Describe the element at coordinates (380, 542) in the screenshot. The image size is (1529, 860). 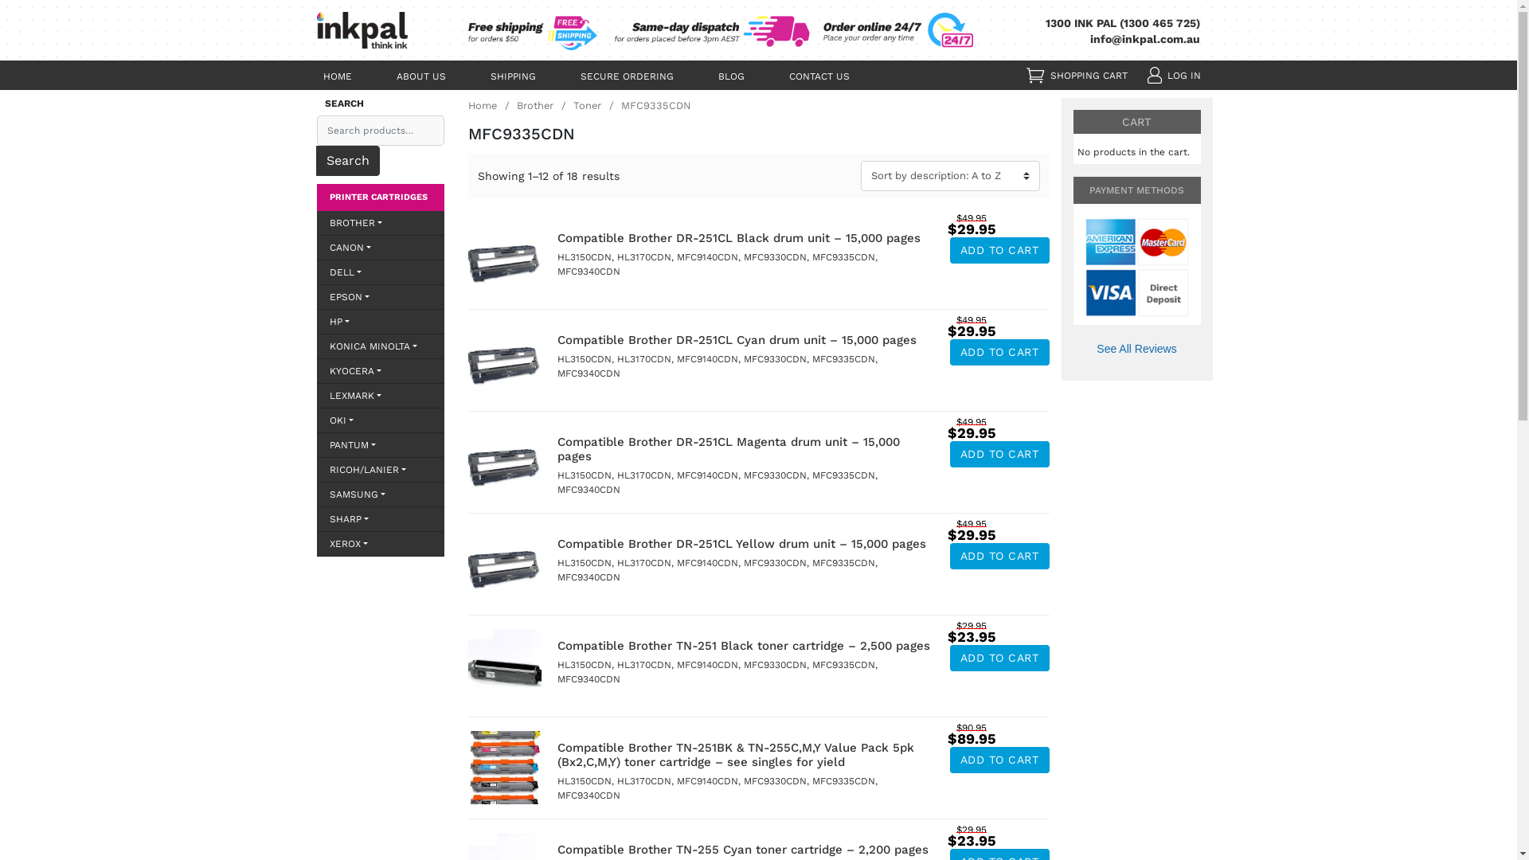
I see `'XEROX'` at that location.